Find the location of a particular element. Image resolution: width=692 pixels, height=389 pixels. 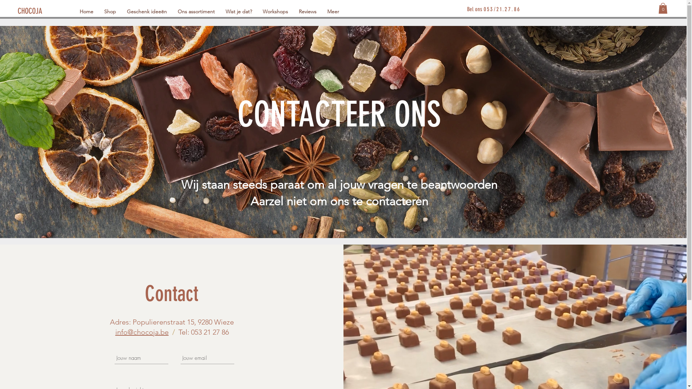

'0' is located at coordinates (658, 8).